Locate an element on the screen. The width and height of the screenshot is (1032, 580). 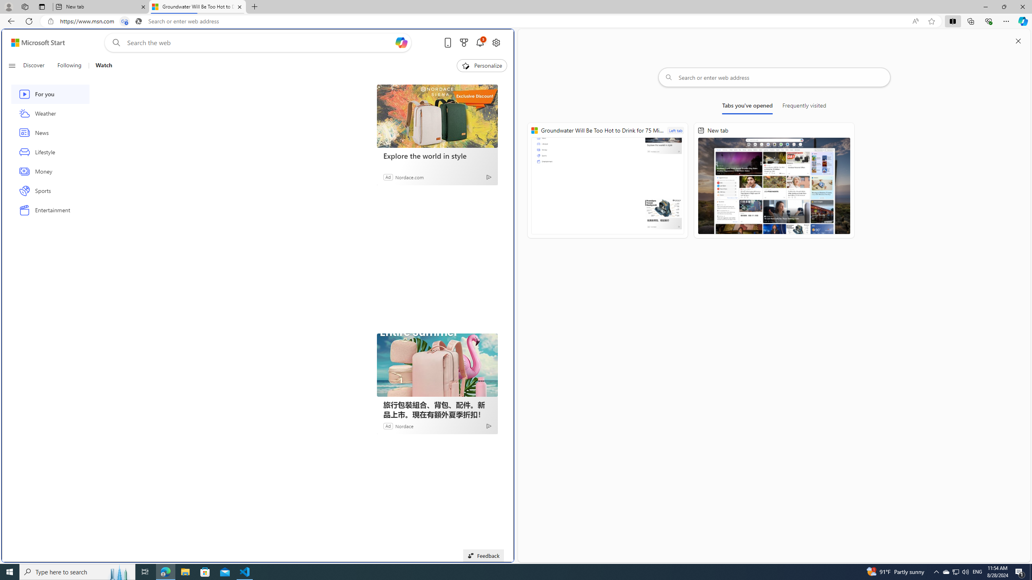
'New Tab' is located at coordinates (254, 6).